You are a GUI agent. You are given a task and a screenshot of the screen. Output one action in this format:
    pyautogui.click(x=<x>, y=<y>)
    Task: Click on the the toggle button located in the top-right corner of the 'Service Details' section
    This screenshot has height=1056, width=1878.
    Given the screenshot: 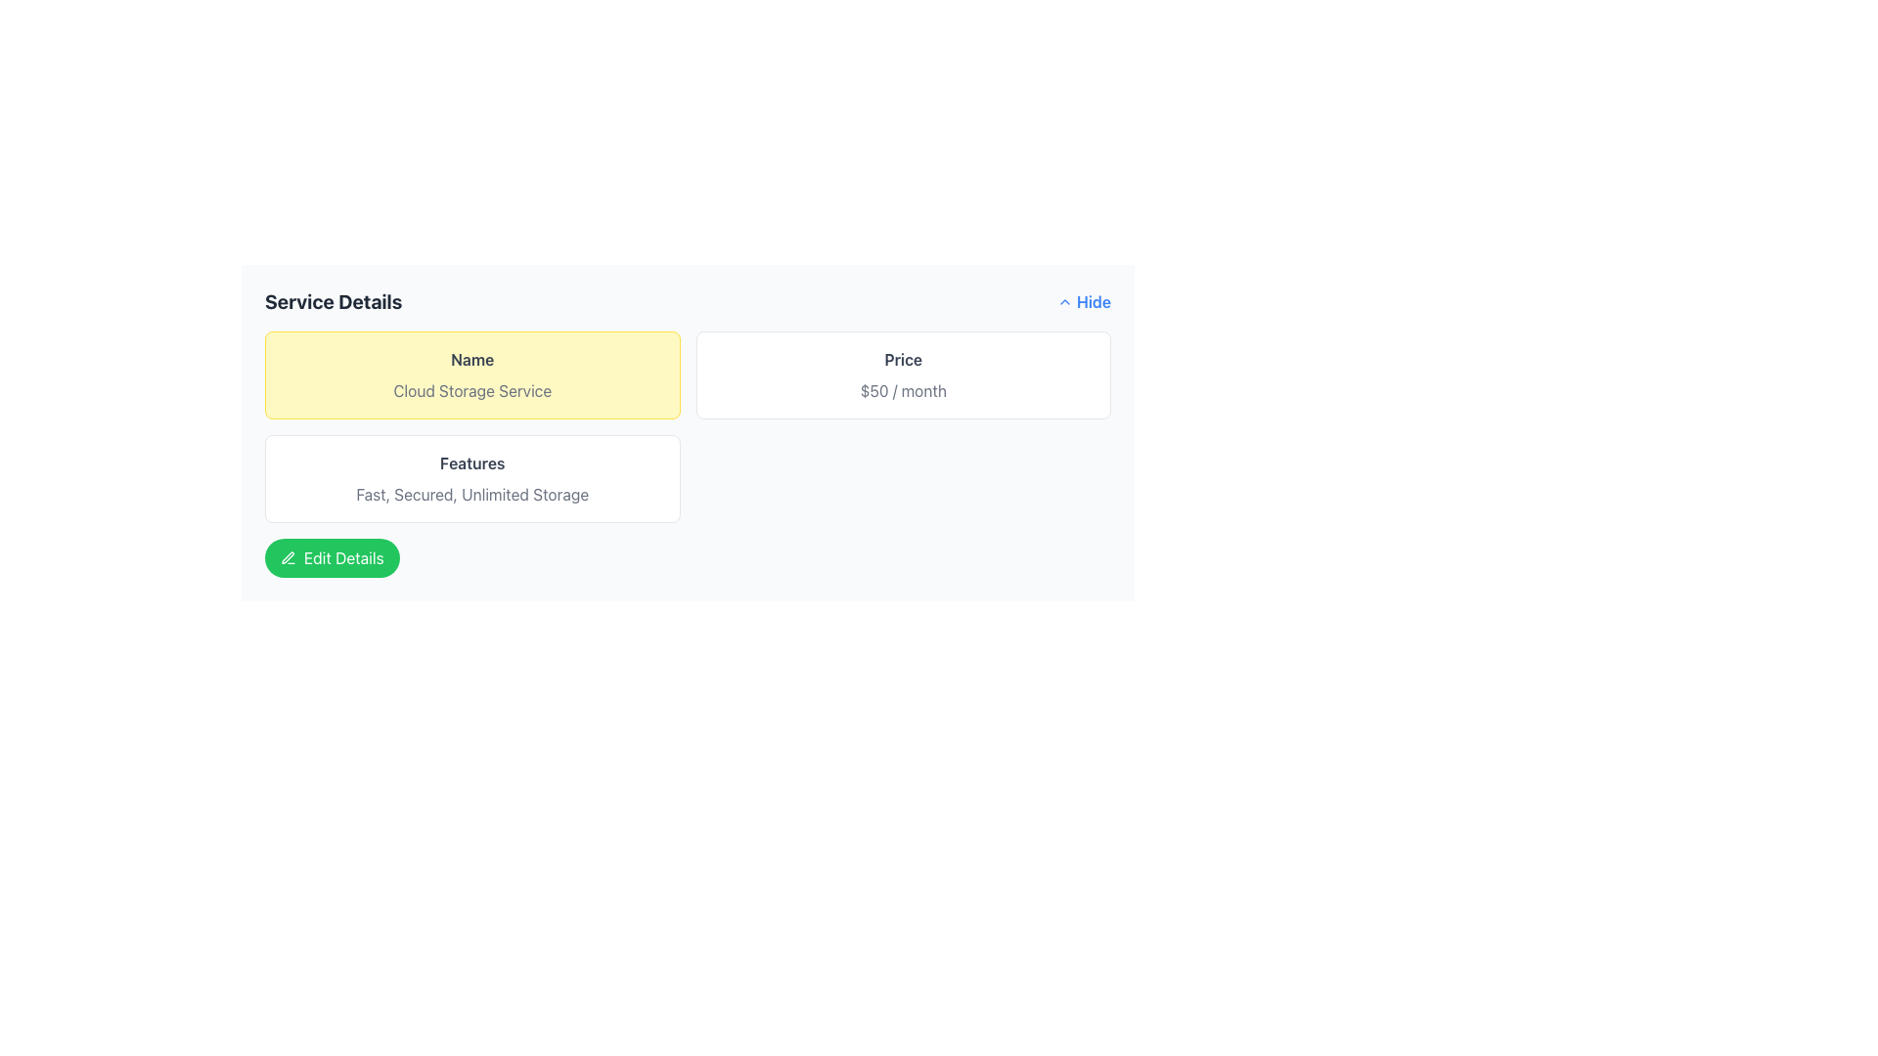 What is the action you would take?
    pyautogui.click(x=1083, y=301)
    